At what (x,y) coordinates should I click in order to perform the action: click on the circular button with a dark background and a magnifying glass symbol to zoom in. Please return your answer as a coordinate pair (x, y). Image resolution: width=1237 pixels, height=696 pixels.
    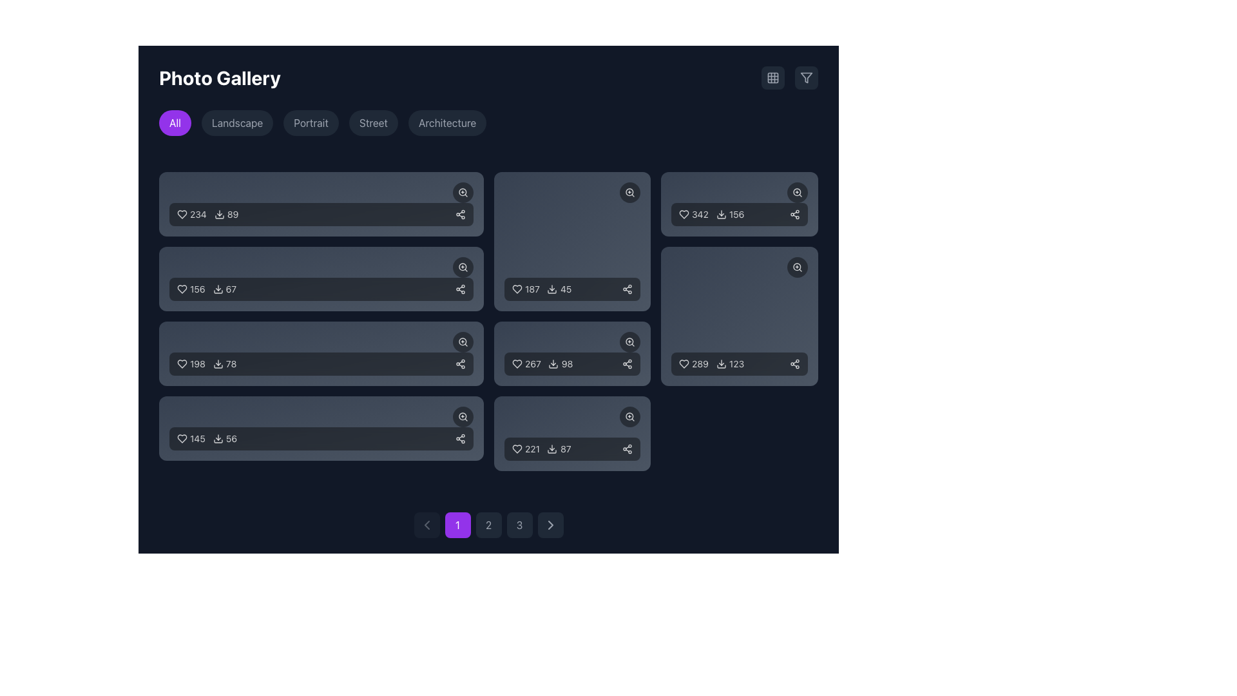
    Looking at the image, I should click on (630, 417).